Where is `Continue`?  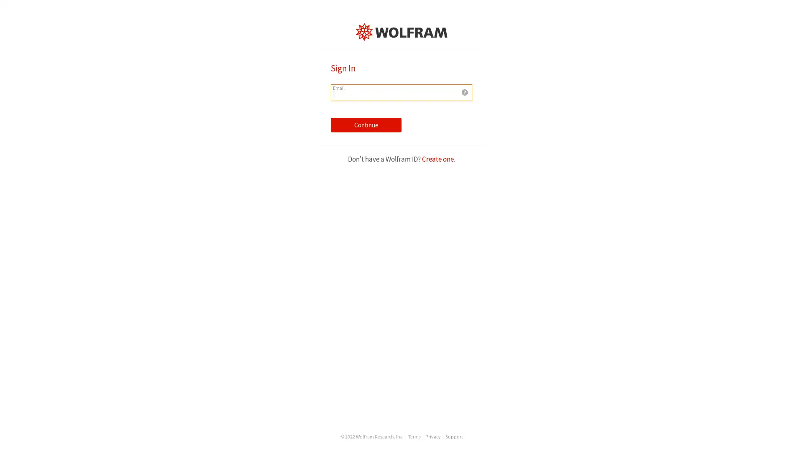 Continue is located at coordinates (366, 125).